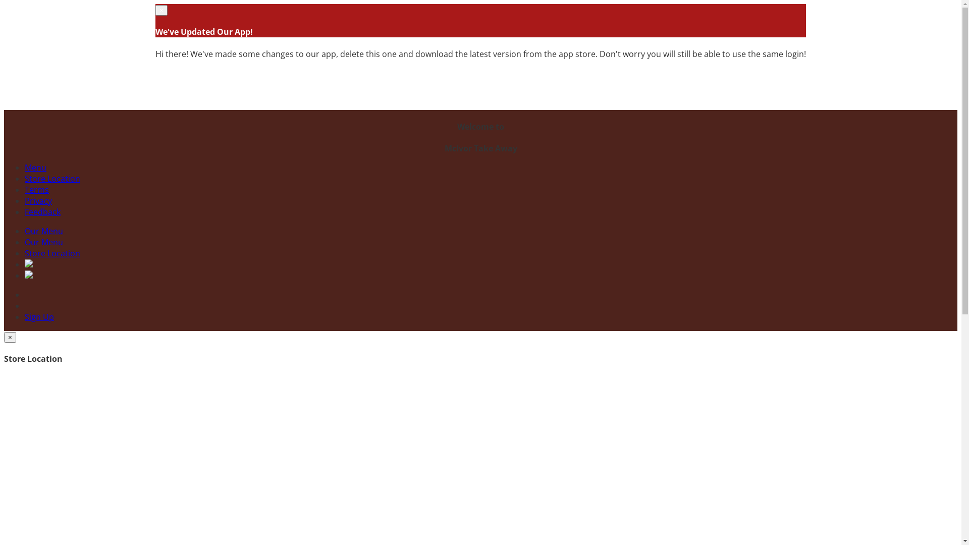 The image size is (969, 545). What do you see at coordinates (43, 242) in the screenshot?
I see `'Our Menu'` at bounding box center [43, 242].